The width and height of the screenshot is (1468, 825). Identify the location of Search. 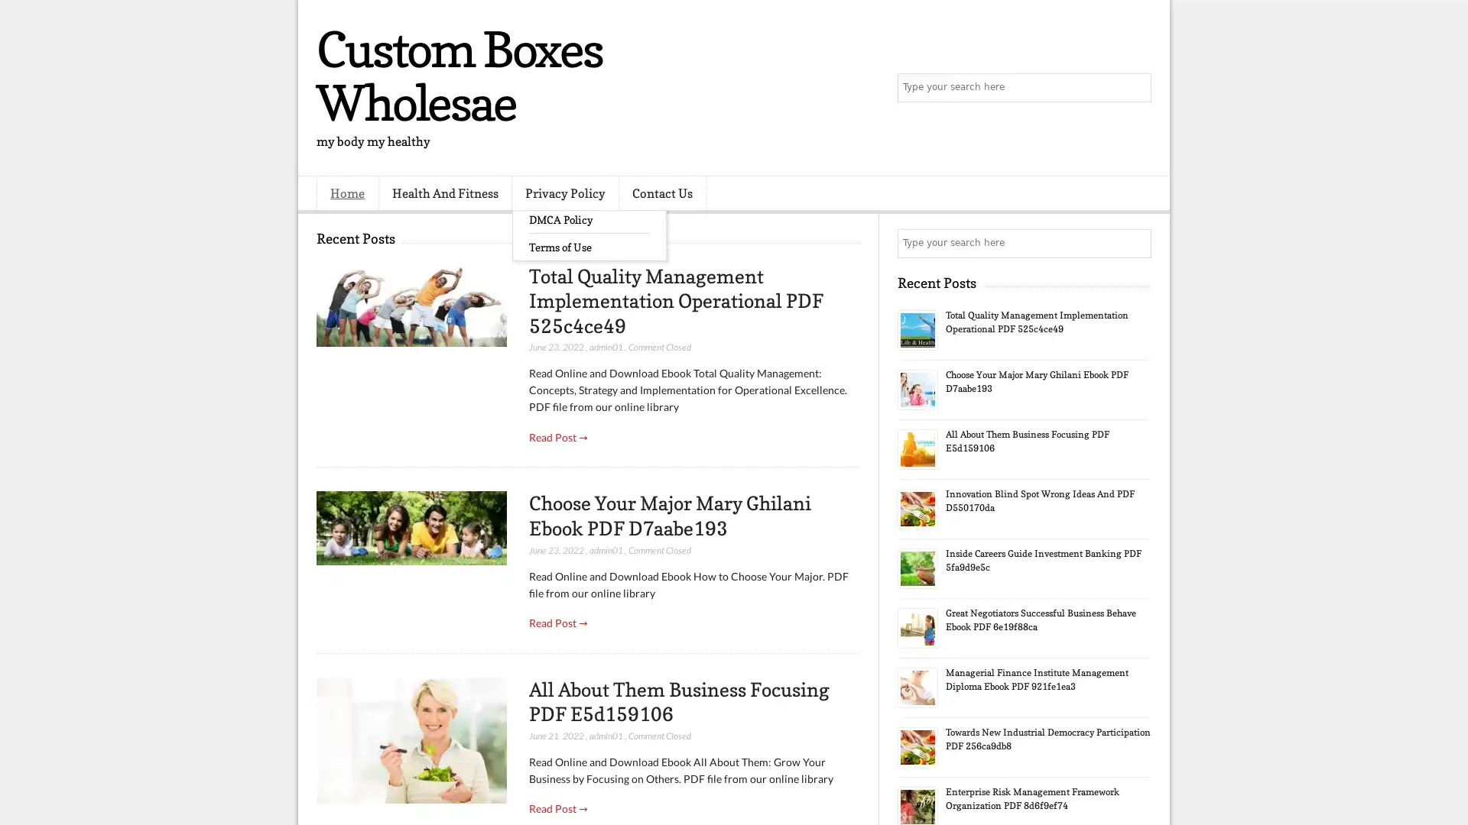
(1135, 88).